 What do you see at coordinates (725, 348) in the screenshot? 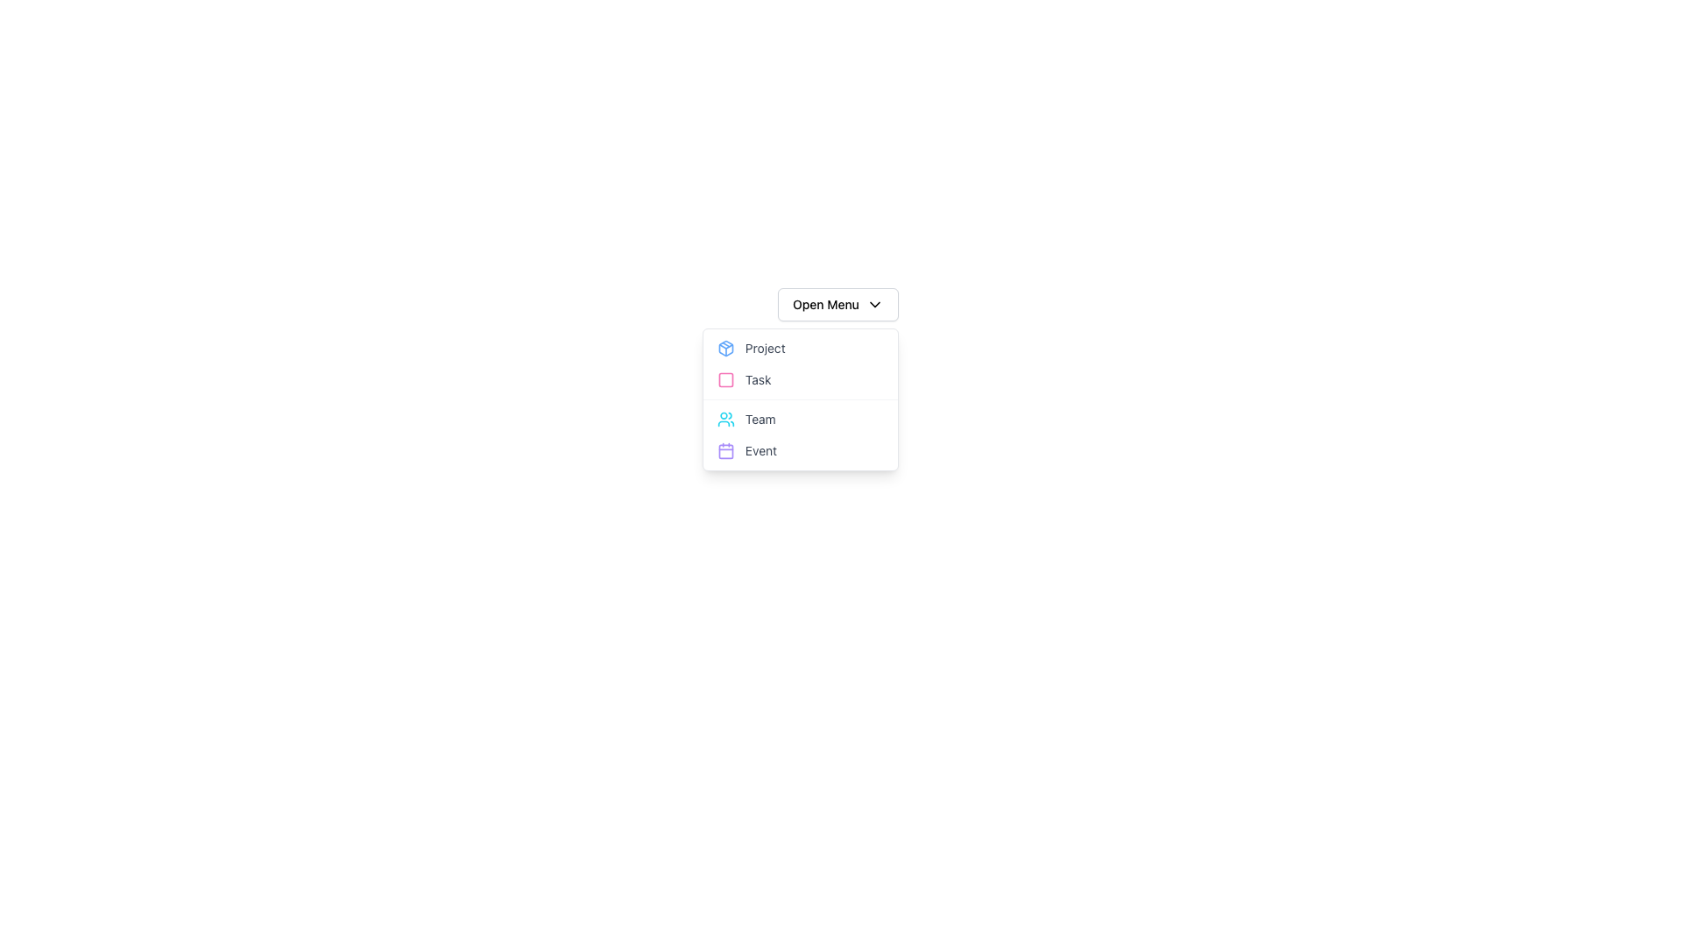
I see `the icon representing the project located to the left of the label 'Project' in the first row of the dropdown menu under 'Open Menu'` at bounding box center [725, 348].